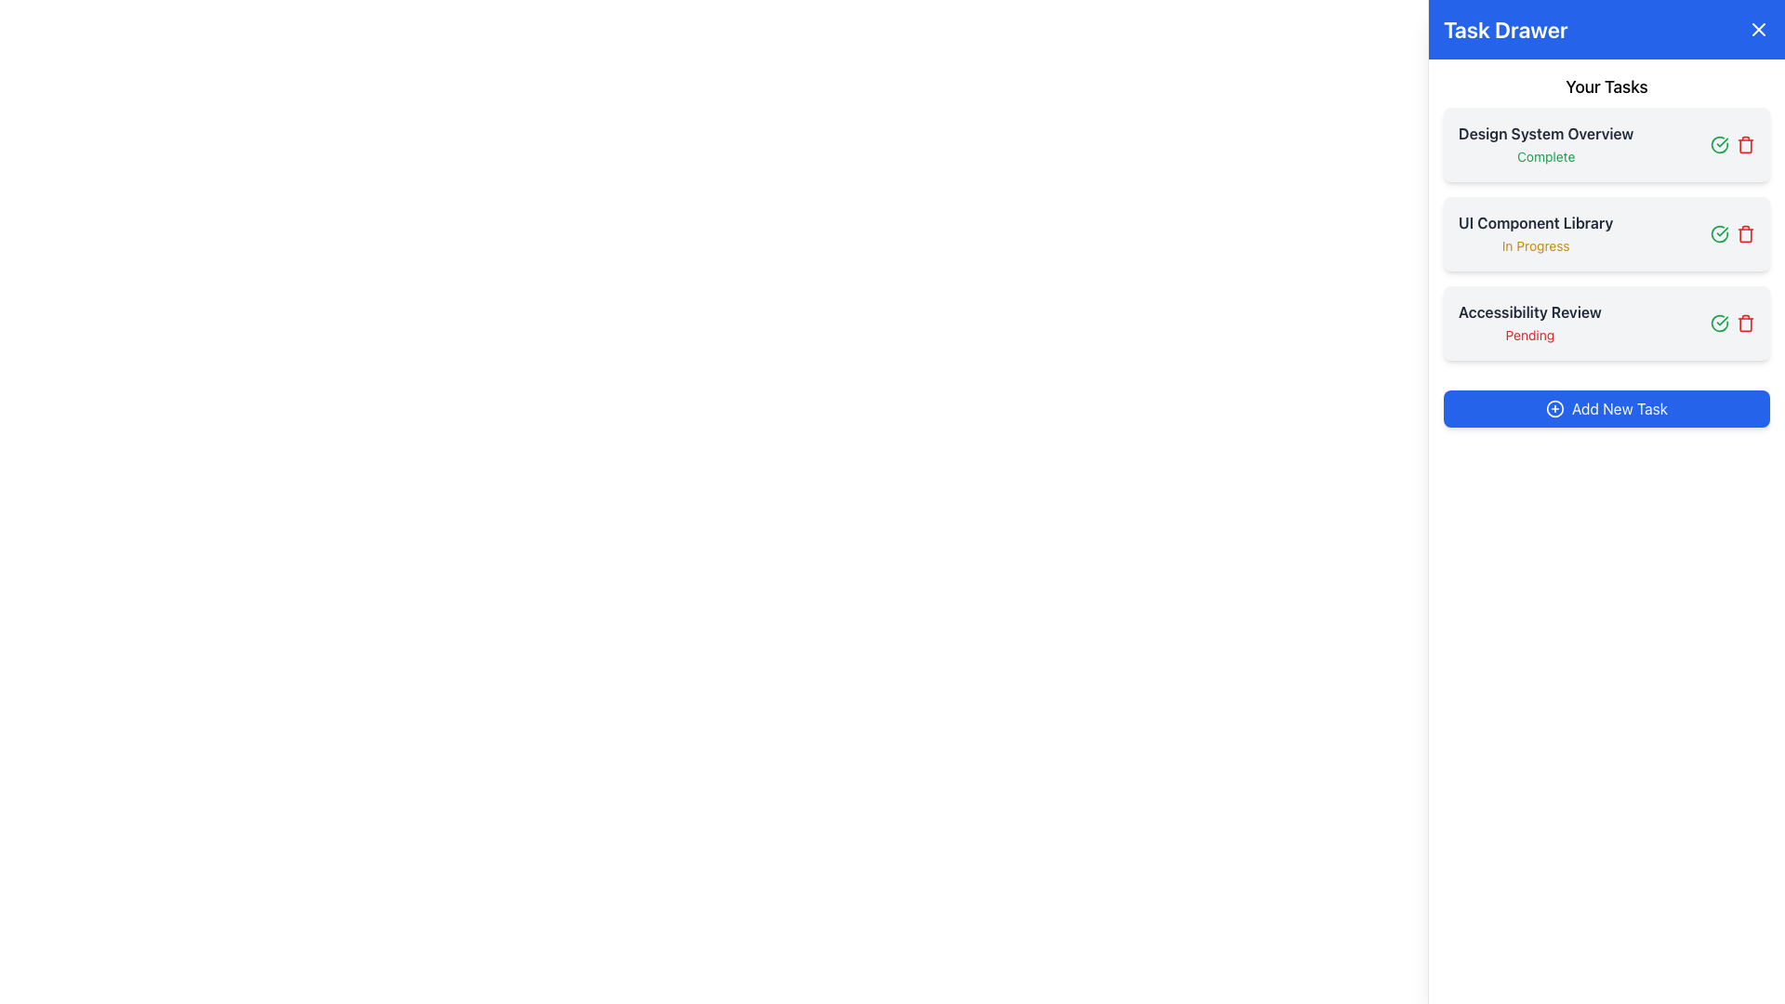 Image resolution: width=1785 pixels, height=1004 pixels. Describe the element at coordinates (1718, 143) in the screenshot. I see `the circular green icon button with a checkmark inside it, located on the far right side of the 'Design System Overview' listing in the 'Your Tasks' section of the Task Drawer` at that location.